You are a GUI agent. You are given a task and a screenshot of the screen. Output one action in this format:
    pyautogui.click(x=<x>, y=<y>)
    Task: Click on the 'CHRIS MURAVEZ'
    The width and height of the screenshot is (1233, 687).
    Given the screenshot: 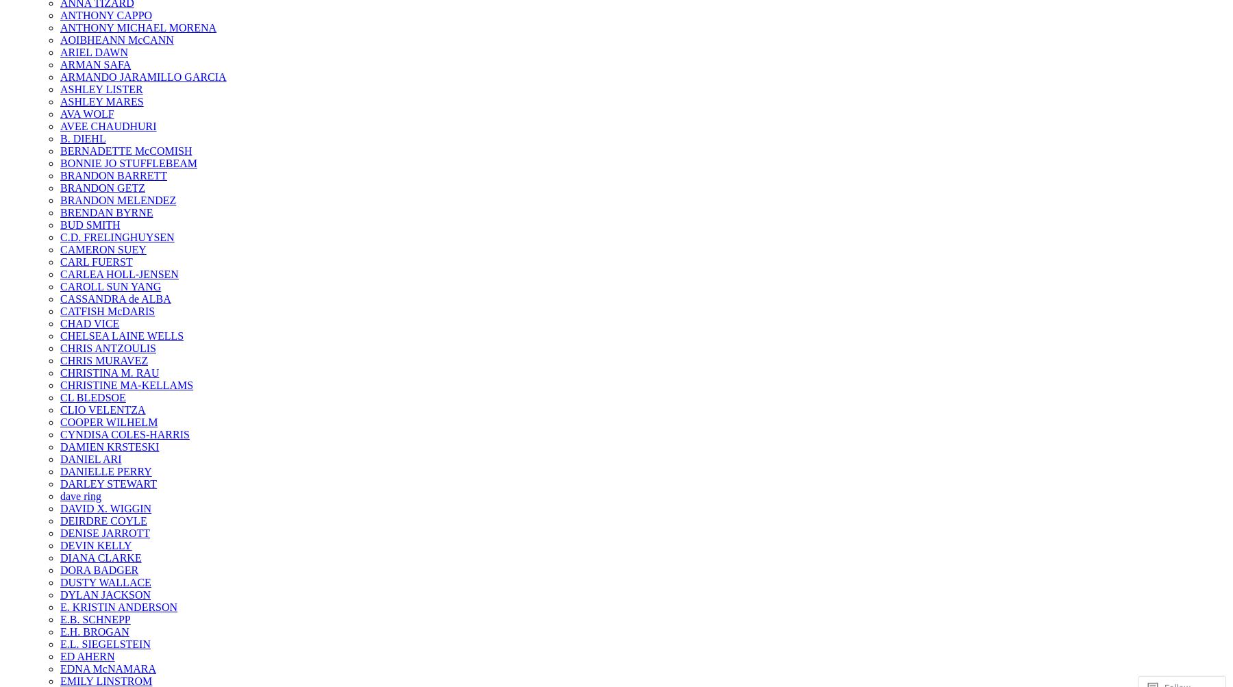 What is the action you would take?
    pyautogui.click(x=103, y=360)
    